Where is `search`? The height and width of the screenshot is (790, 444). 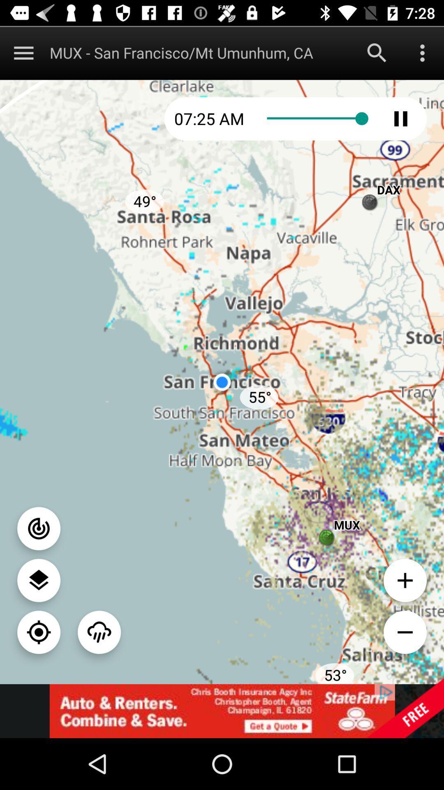
search is located at coordinates (377, 52).